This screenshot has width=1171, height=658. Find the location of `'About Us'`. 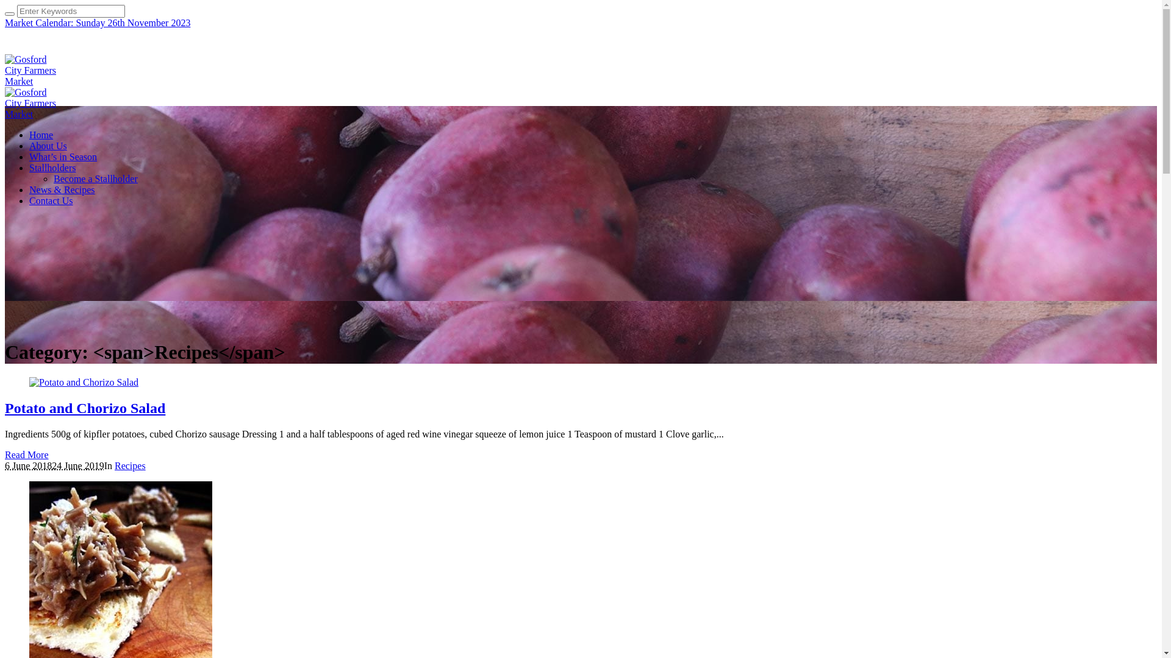

'About Us' is located at coordinates (48, 145).